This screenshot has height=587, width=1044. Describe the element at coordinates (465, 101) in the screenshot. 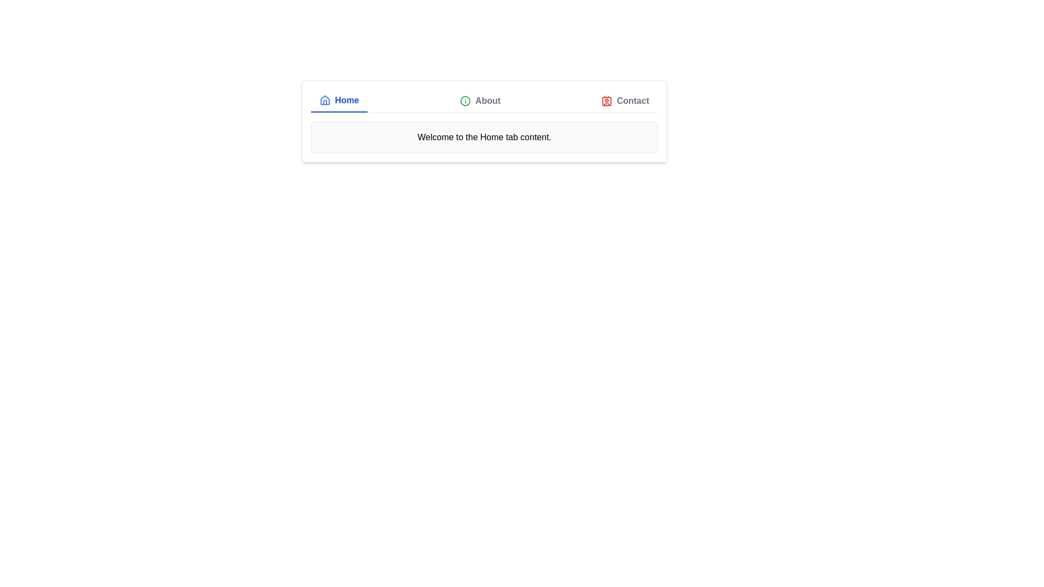

I see `the 'About' navigation icon, which is located on the center-left side of the 'About' menu item in the navigation bar` at that location.